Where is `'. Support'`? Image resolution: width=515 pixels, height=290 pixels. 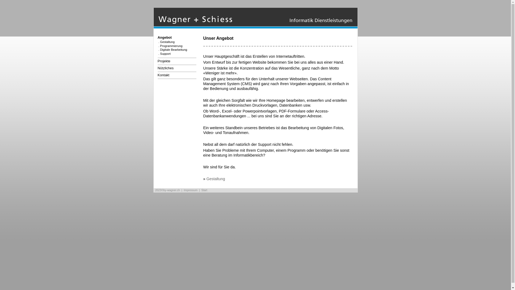 '. Support' is located at coordinates (157, 54).